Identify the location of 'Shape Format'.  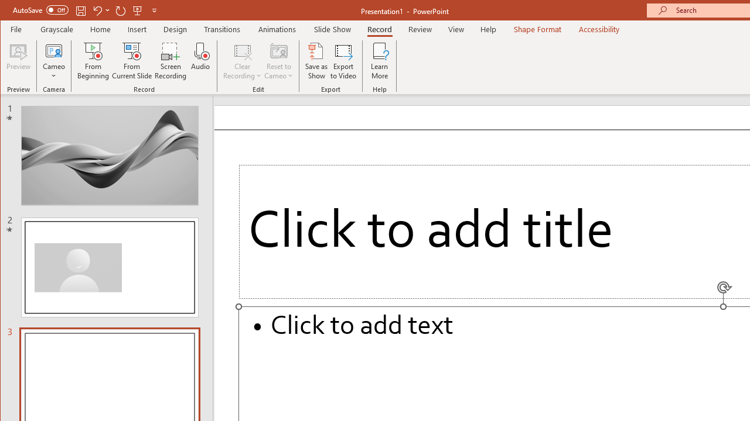
(537, 29).